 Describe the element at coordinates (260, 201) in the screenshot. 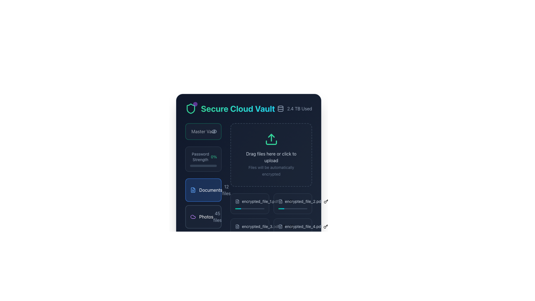

I see `text label displaying 'encrypted_file_1.pdf', which is styled in a small light gray font and located under a document icon in the 'Documents' section` at that location.